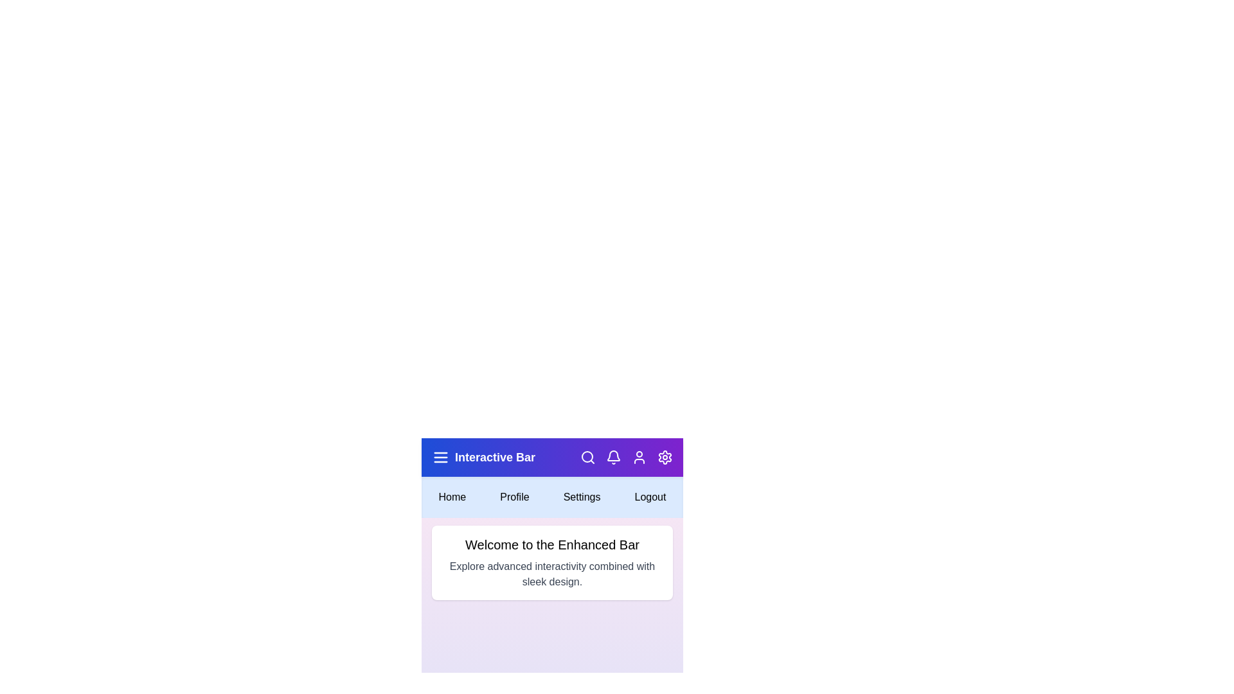 The height and width of the screenshot is (694, 1234). I want to click on the user icon in the app bar, so click(639, 457).